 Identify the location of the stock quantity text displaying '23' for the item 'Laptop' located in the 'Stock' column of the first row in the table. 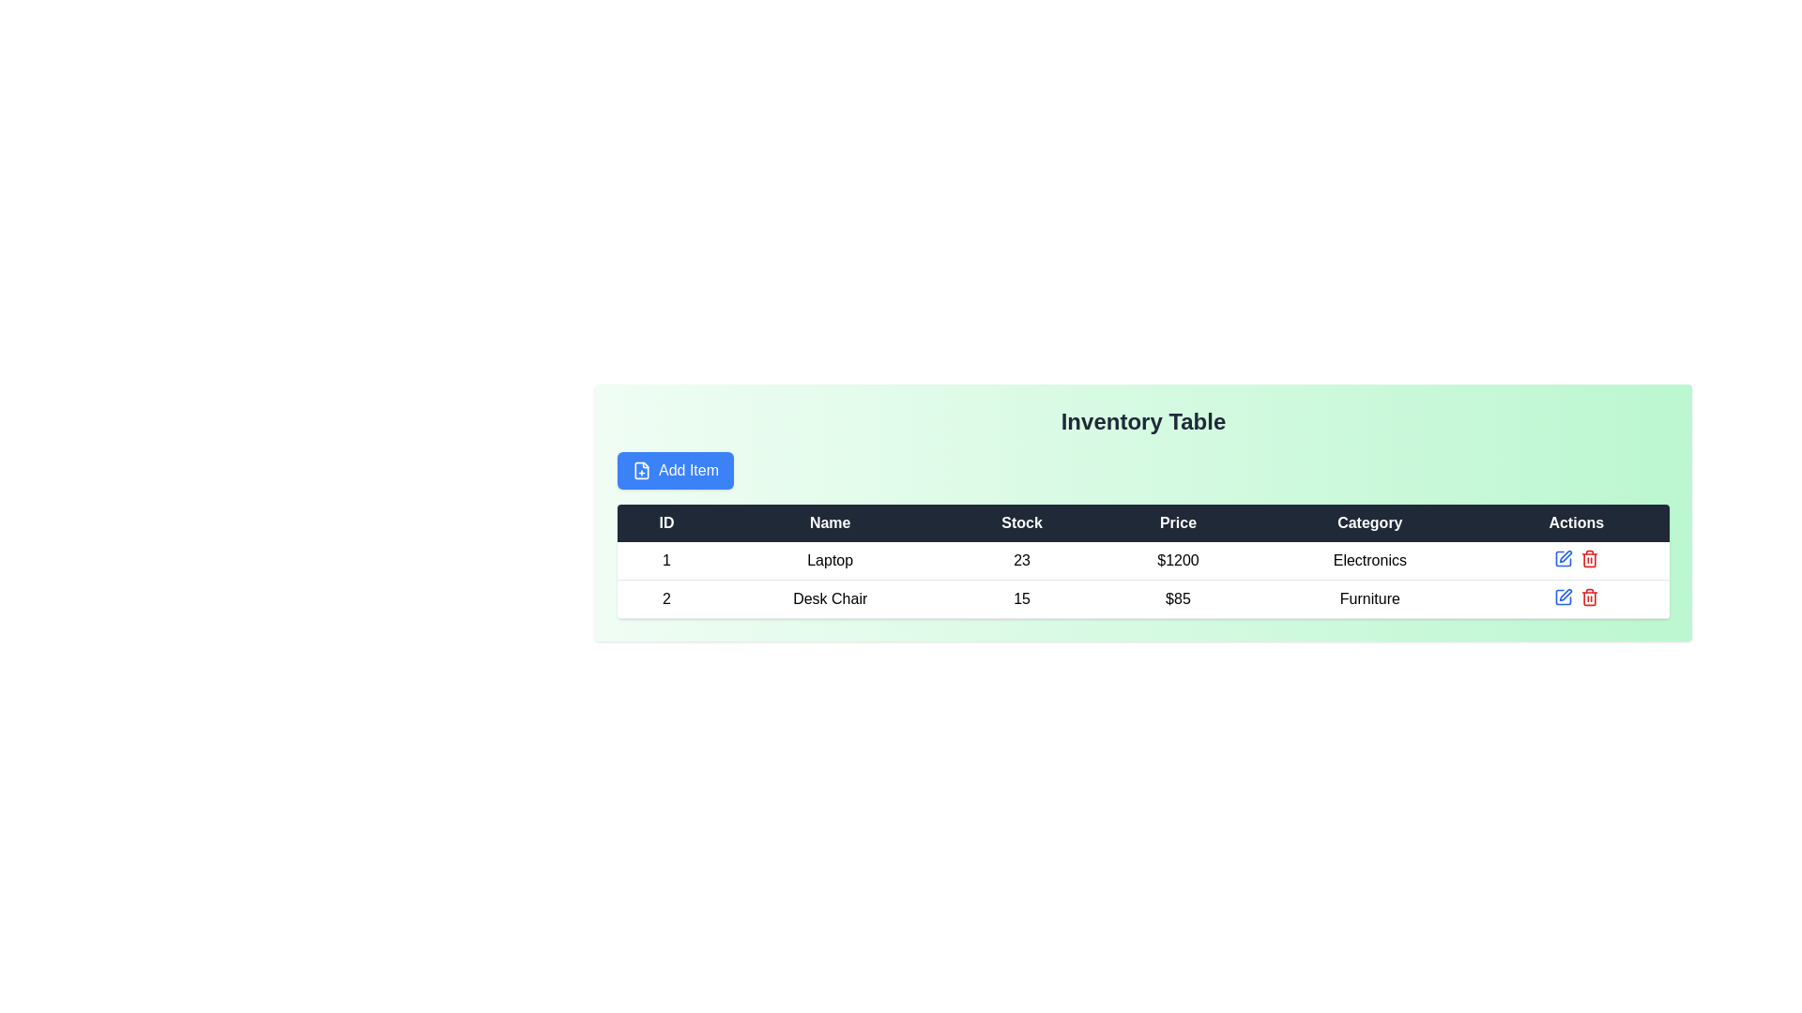
(1021, 560).